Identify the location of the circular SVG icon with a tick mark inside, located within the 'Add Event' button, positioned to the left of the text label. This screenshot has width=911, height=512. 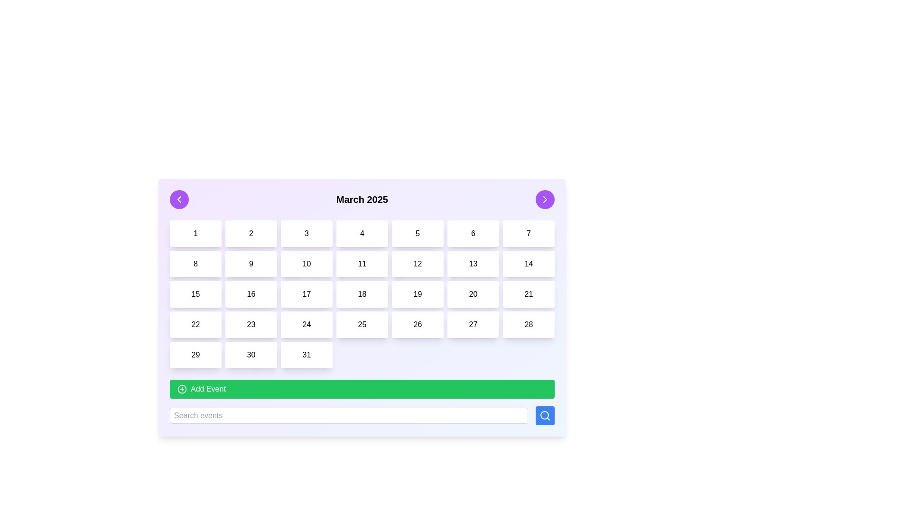
(182, 389).